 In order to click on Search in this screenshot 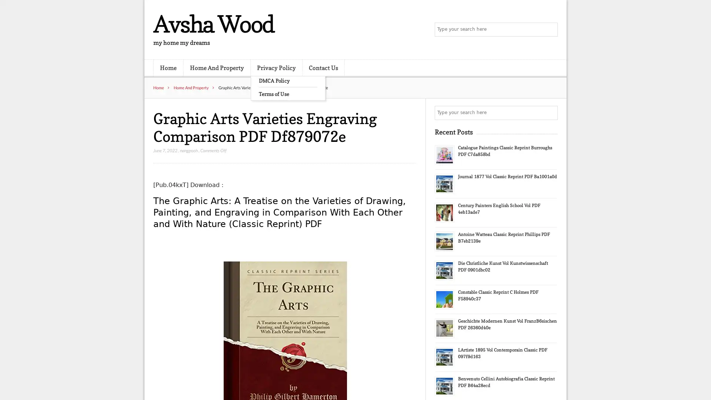, I will do `click(550, 30)`.